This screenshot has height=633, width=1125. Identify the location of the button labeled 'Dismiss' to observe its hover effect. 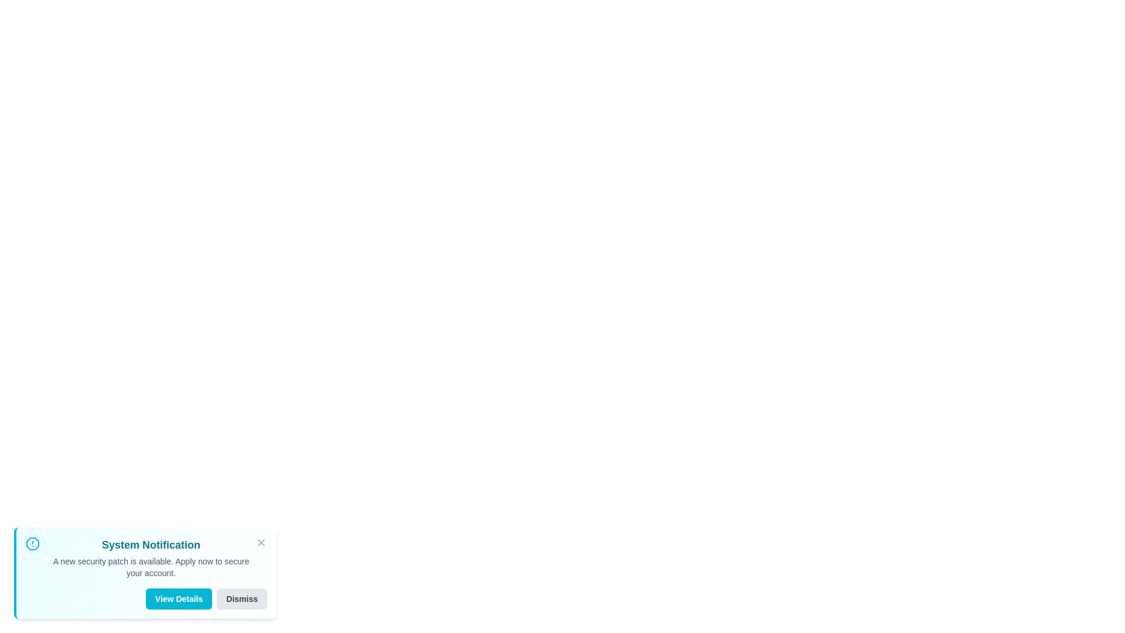
(241, 599).